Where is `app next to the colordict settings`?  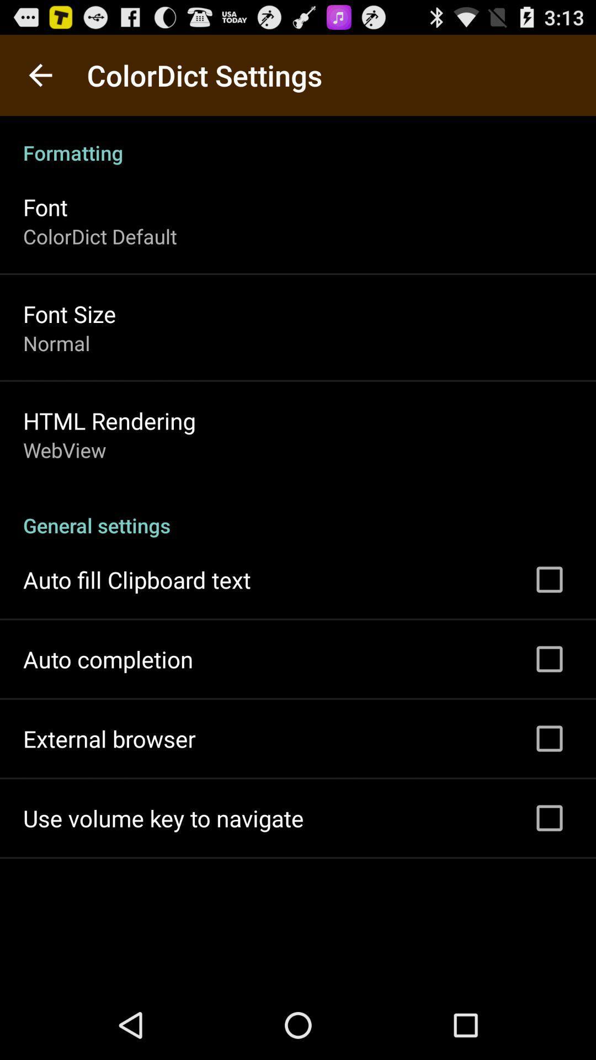 app next to the colordict settings is located at coordinates (40, 75).